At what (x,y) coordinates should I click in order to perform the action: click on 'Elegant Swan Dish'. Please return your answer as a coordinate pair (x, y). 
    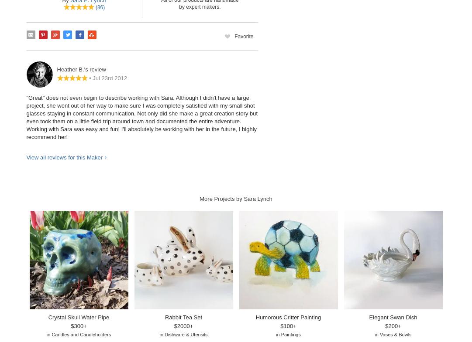
    Looking at the image, I should click on (393, 317).